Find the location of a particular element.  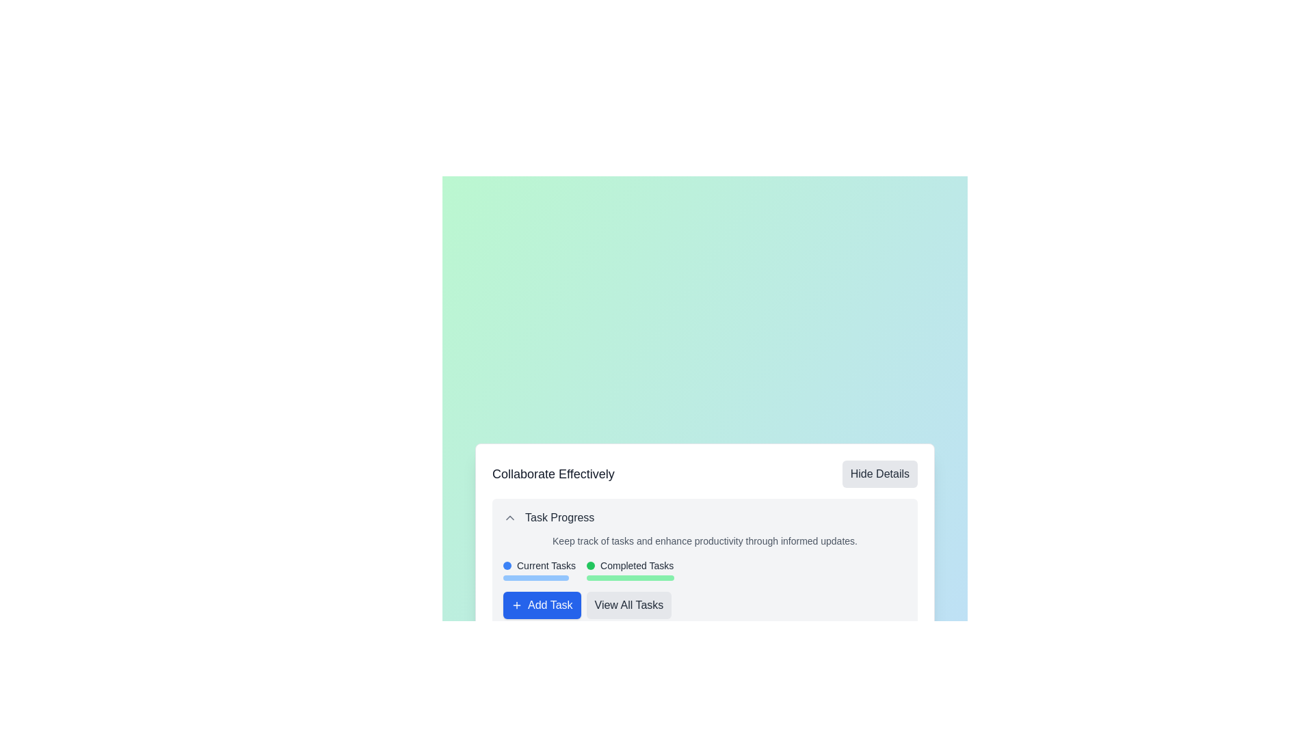

the small, green, rounded rectangle styled as a progress bar located under the 'Completed Tasks' label is located at coordinates (630, 577).